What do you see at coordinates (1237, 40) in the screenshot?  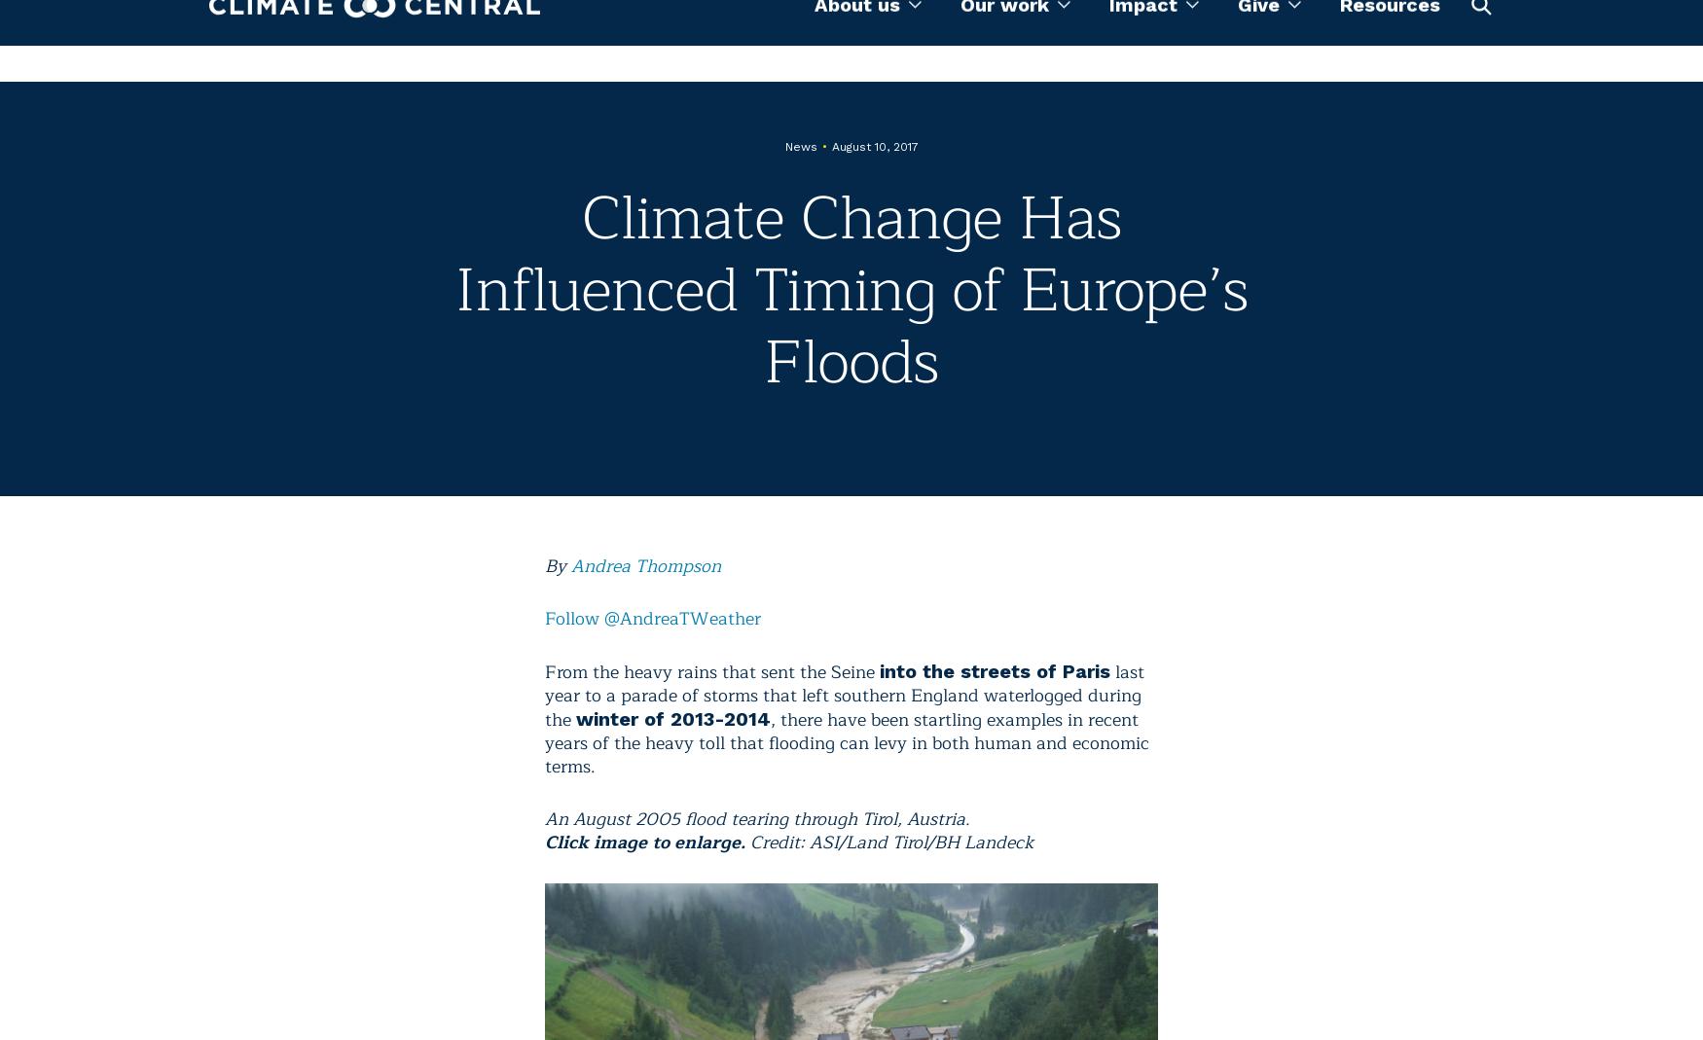 I see `'Give'` at bounding box center [1237, 40].